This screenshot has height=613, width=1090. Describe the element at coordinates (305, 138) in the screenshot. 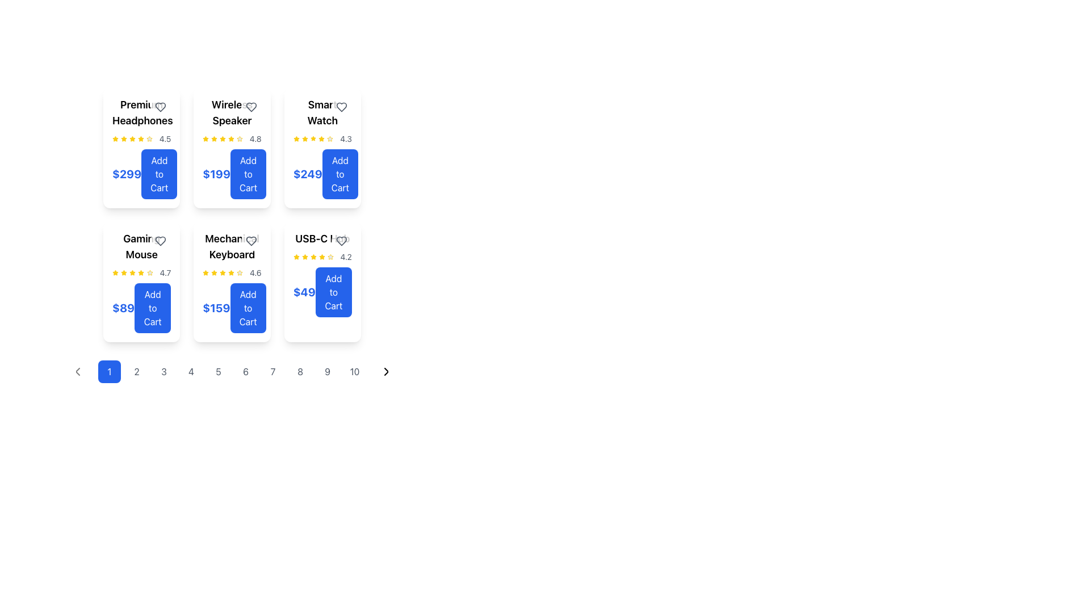

I see `the decorative icon representing user ratings for the Smart Watch card, located at the top right of the grid, adjacent to the heart icon and above the rating value of '4.3'` at that location.